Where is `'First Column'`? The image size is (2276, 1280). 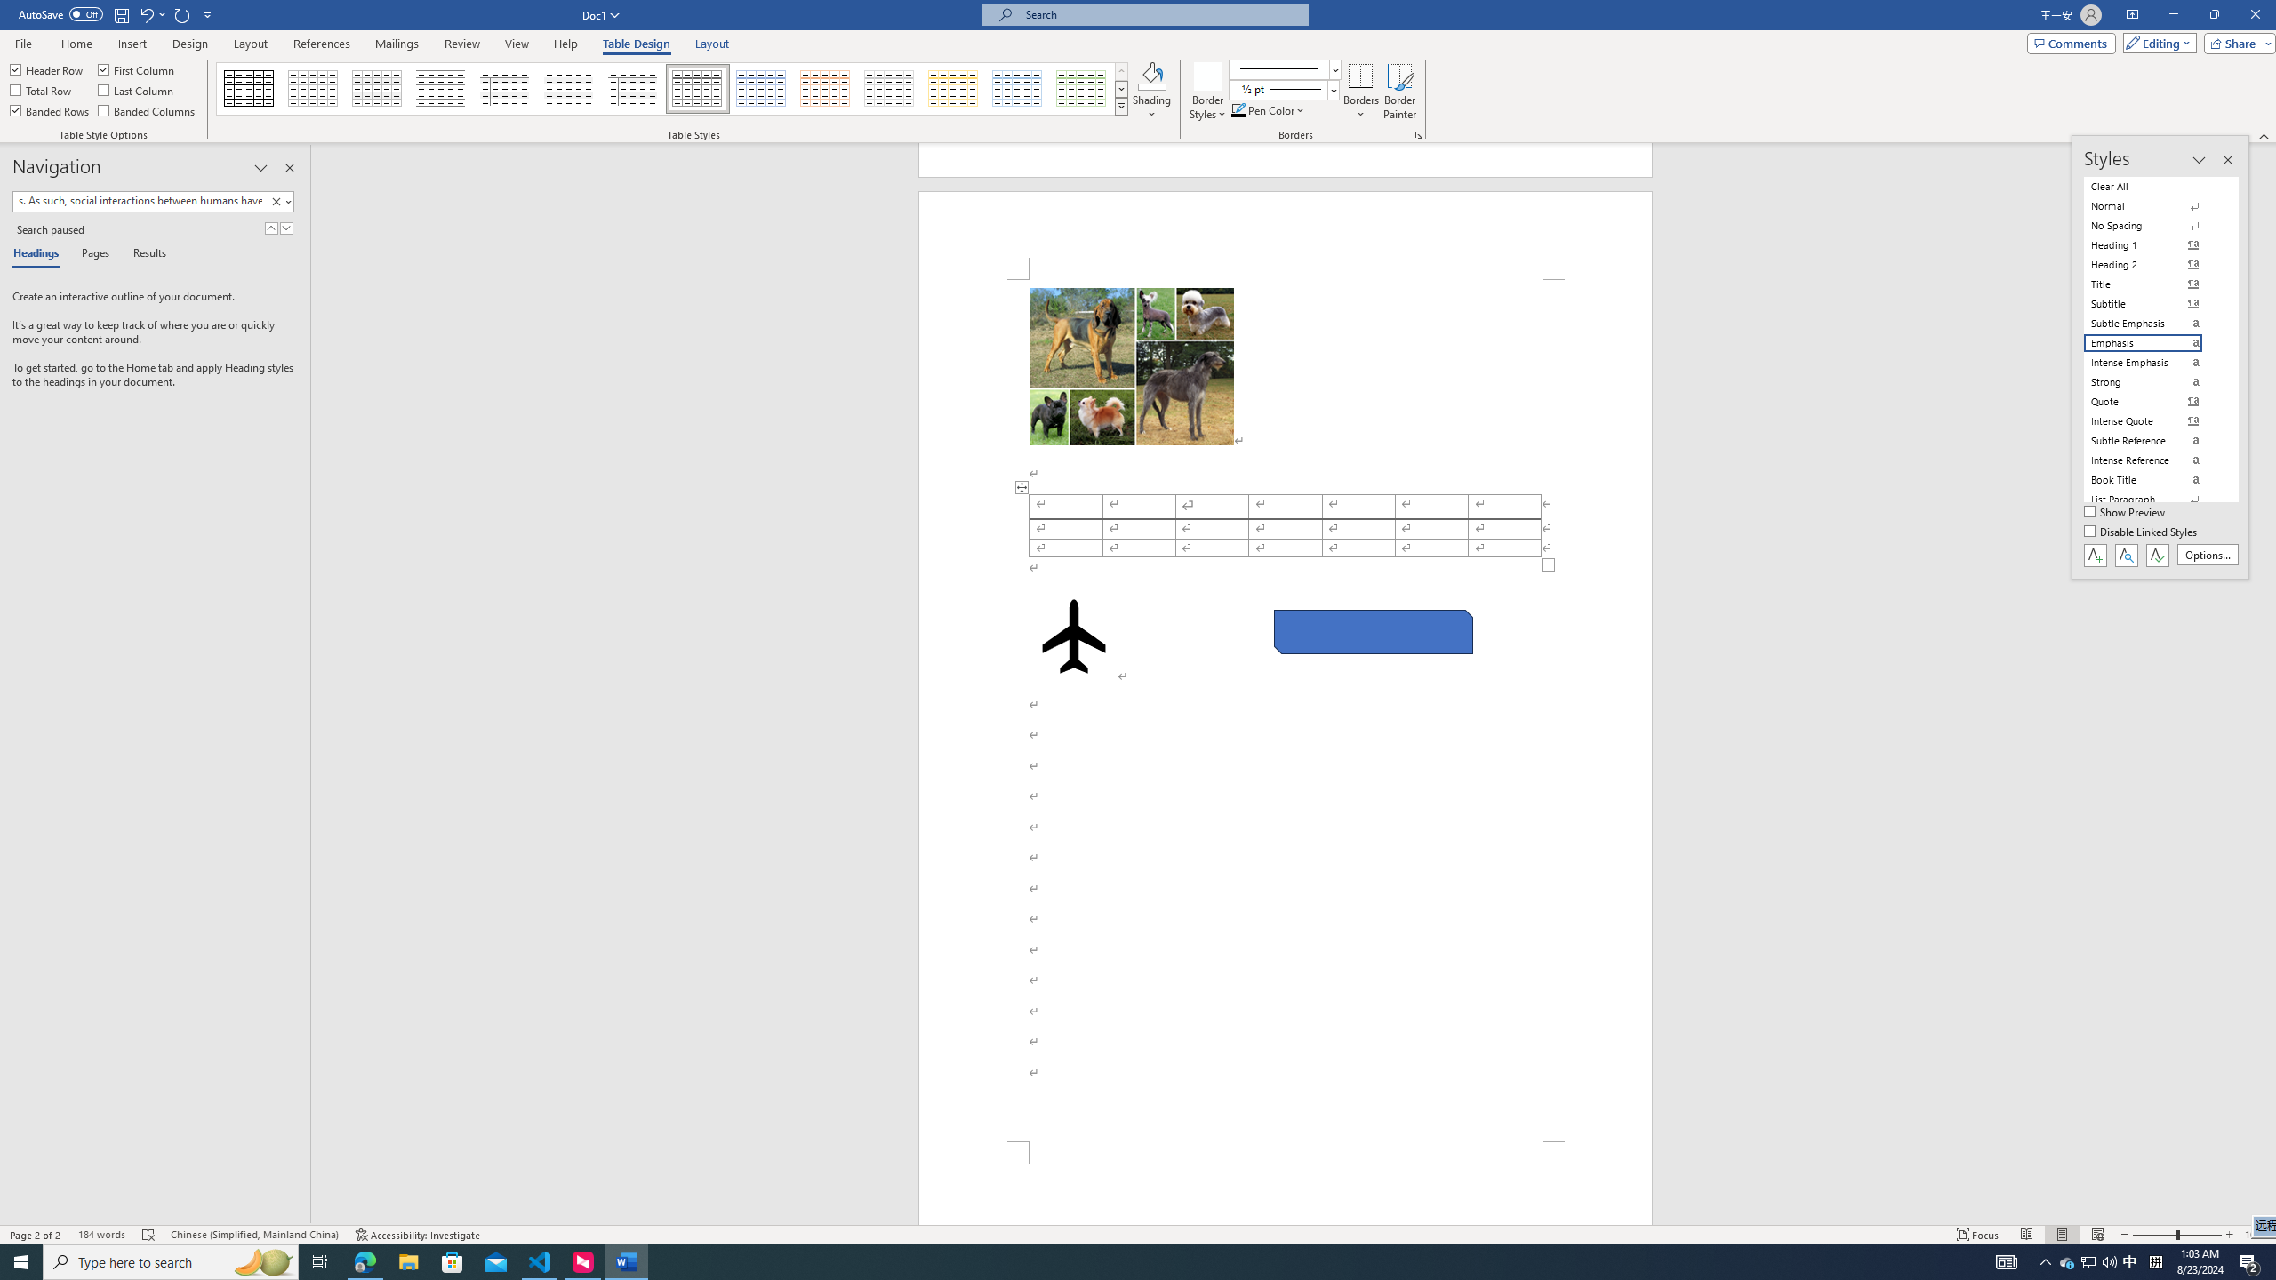 'First Column' is located at coordinates (137, 68).